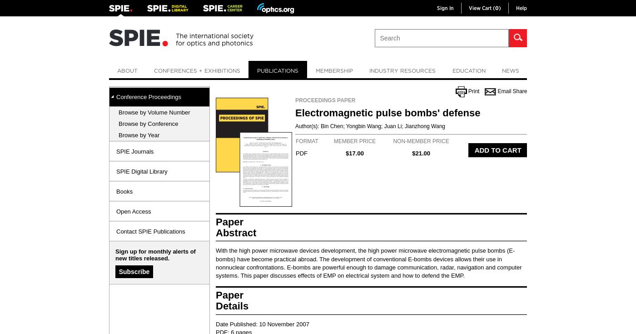 This screenshot has height=334, width=636. Describe the element at coordinates (116, 151) in the screenshot. I see `'SPIE Journals'` at that location.